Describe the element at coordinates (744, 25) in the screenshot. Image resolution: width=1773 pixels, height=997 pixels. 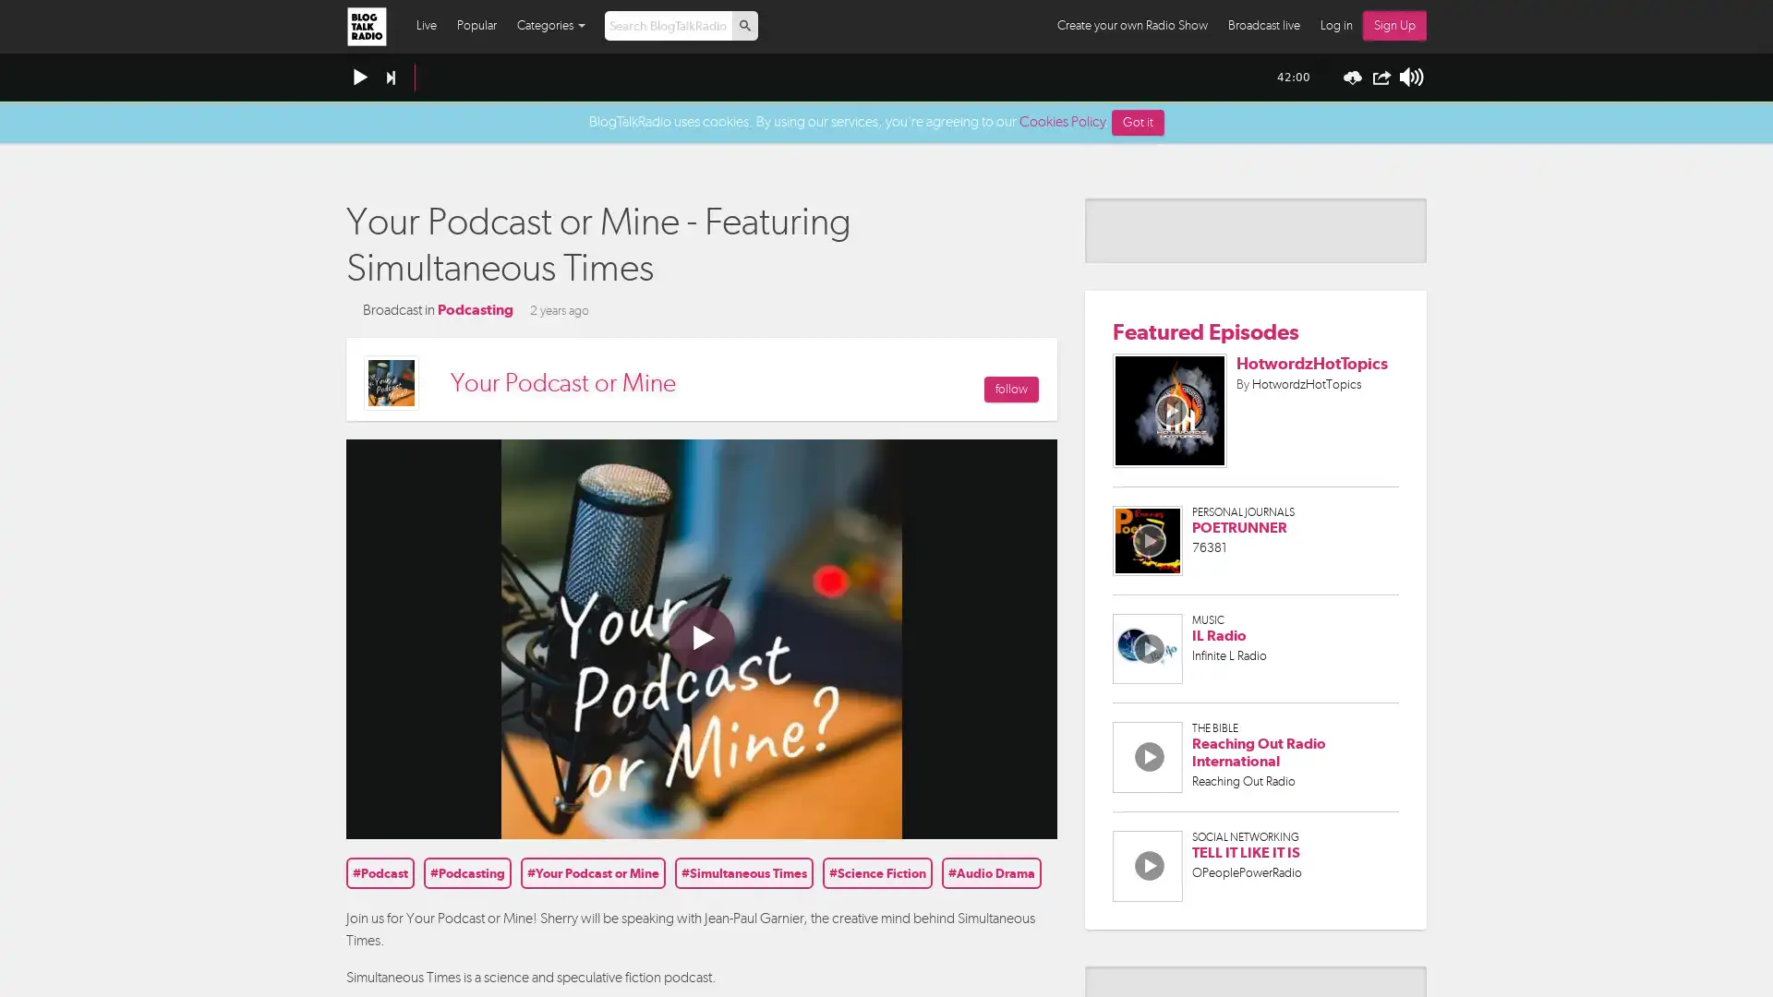
I see `p` at that location.